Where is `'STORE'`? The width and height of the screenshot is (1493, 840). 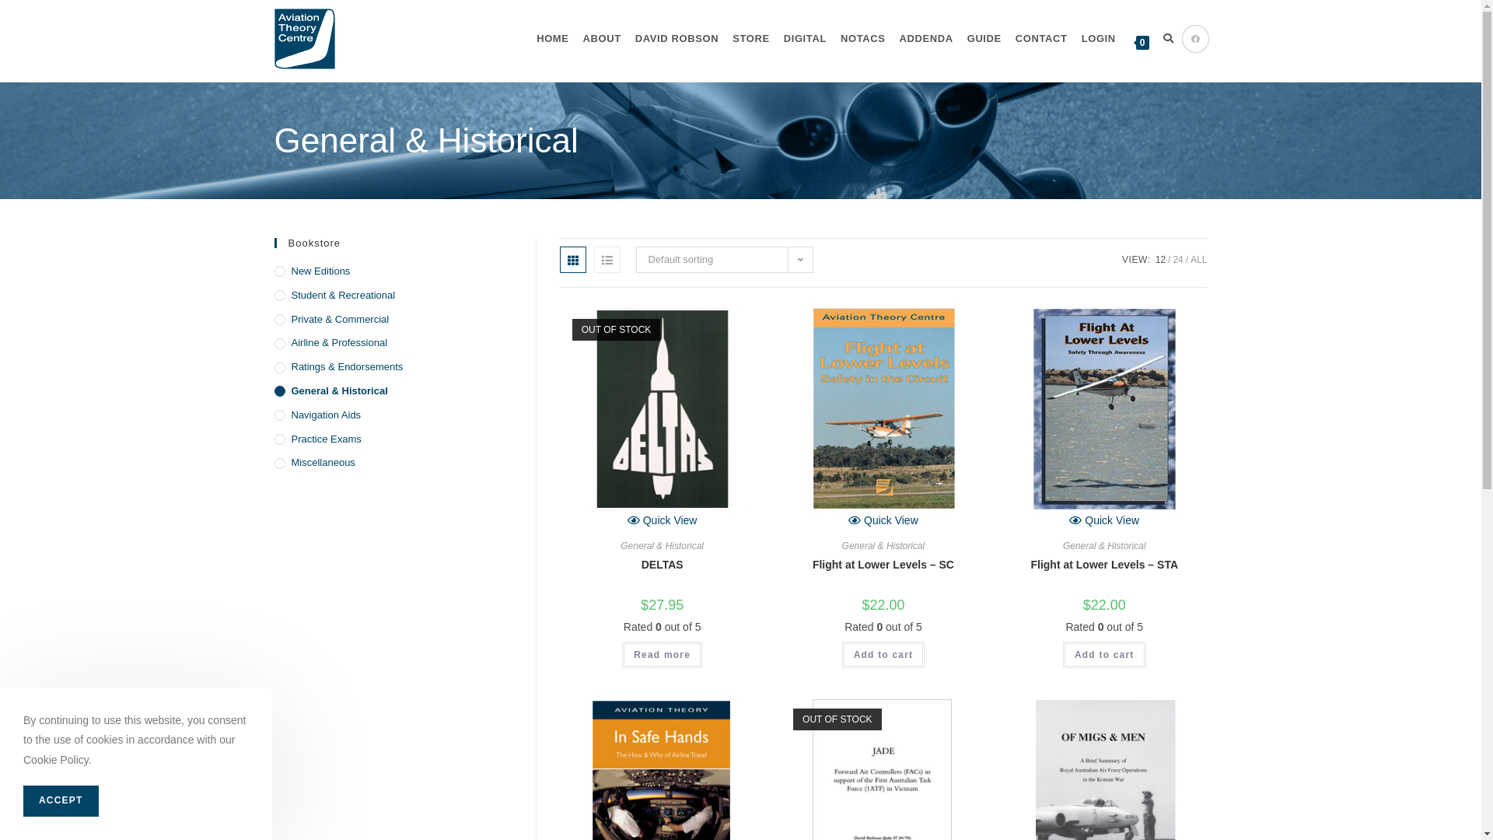 'STORE' is located at coordinates (750, 38).